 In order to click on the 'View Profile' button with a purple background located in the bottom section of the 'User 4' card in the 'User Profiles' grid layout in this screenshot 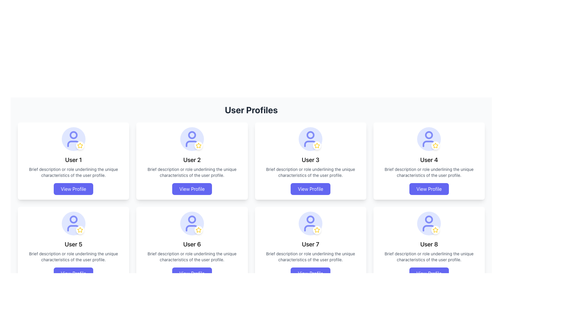, I will do `click(429, 189)`.